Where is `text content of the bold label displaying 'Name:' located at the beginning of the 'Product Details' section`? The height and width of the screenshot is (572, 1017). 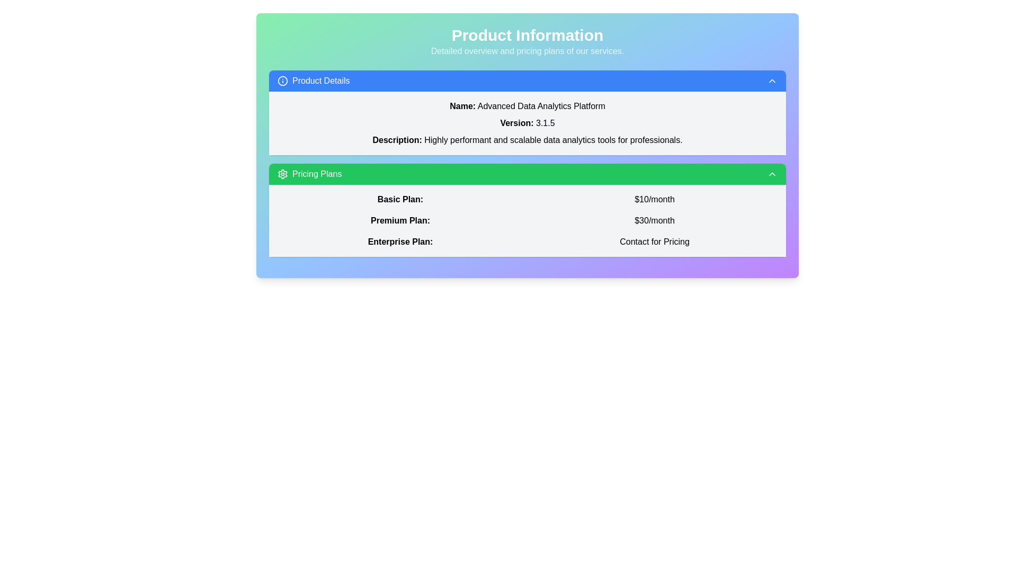 text content of the bold label displaying 'Name:' located at the beginning of the 'Product Details' section is located at coordinates (462, 106).